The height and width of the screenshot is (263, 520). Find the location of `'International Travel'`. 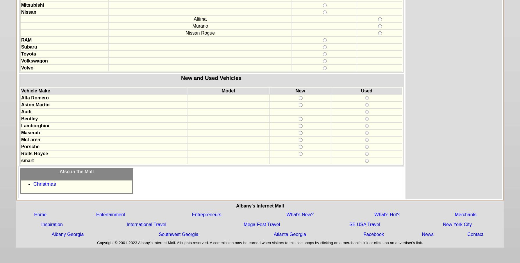

'International Travel' is located at coordinates (146, 224).